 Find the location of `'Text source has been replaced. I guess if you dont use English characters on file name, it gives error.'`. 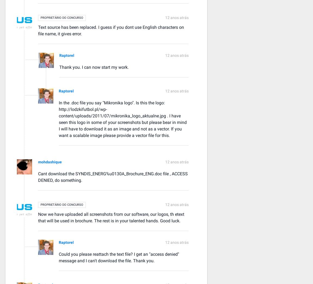

'Text source has been replaced. I guess if you dont use English characters on file name, it gives error.' is located at coordinates (38, 30).